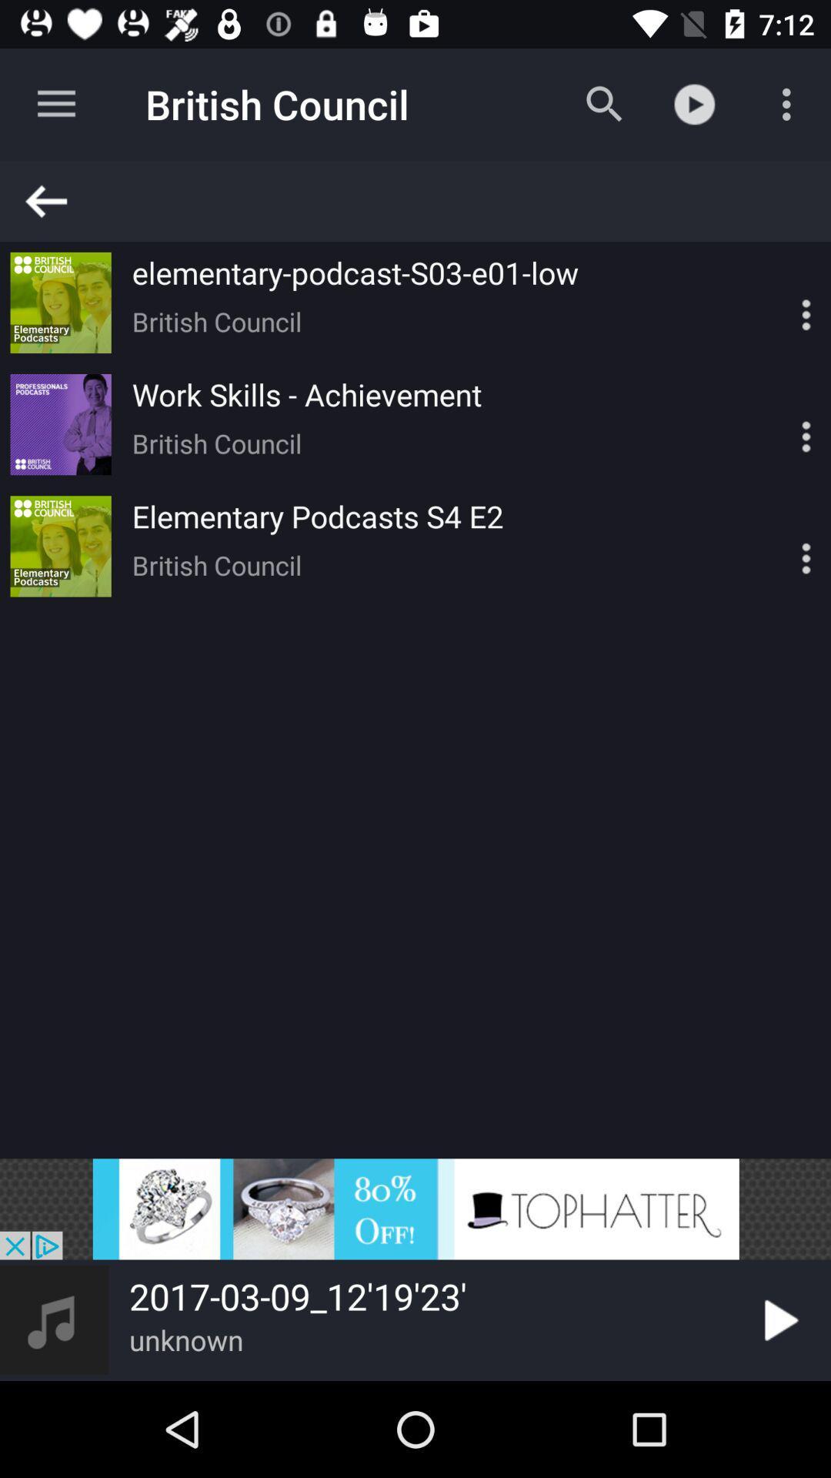 The image size is (831, 1478). I want to click on more details, so click(779, 303).